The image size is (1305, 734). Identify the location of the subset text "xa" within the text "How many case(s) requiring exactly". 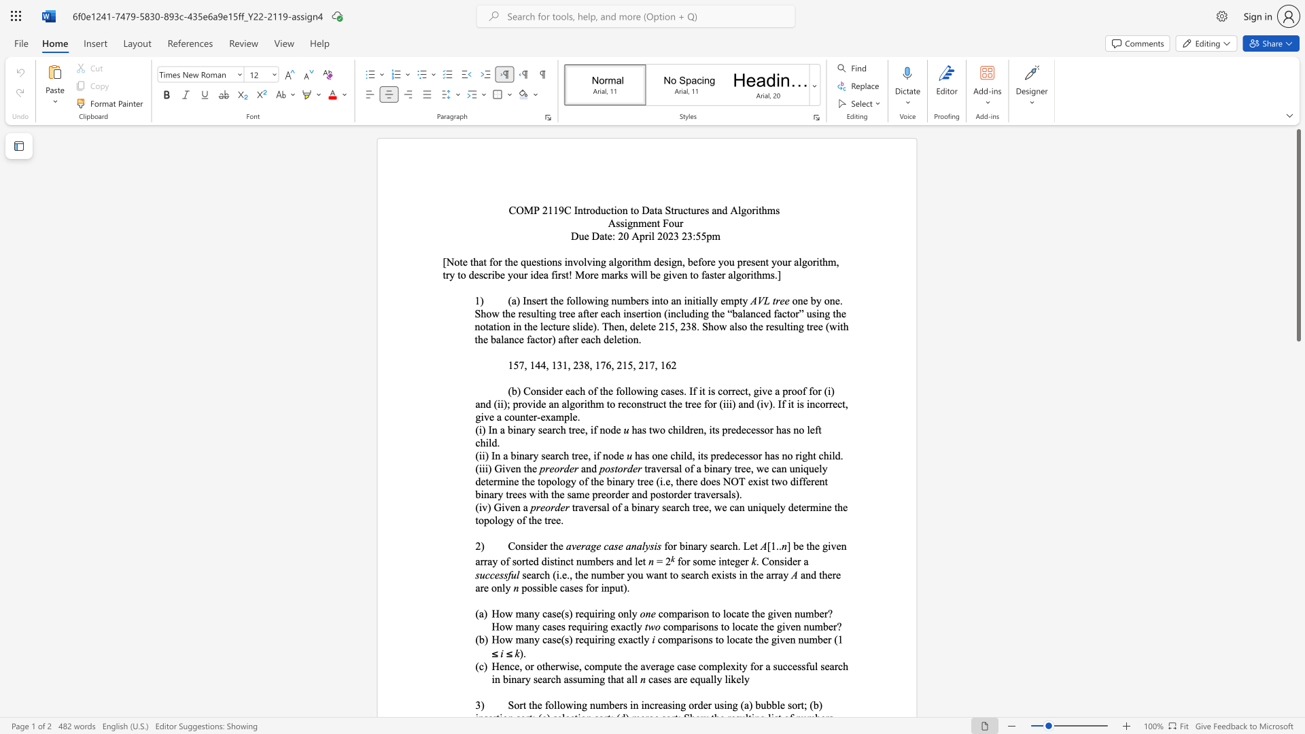
(622, 640).